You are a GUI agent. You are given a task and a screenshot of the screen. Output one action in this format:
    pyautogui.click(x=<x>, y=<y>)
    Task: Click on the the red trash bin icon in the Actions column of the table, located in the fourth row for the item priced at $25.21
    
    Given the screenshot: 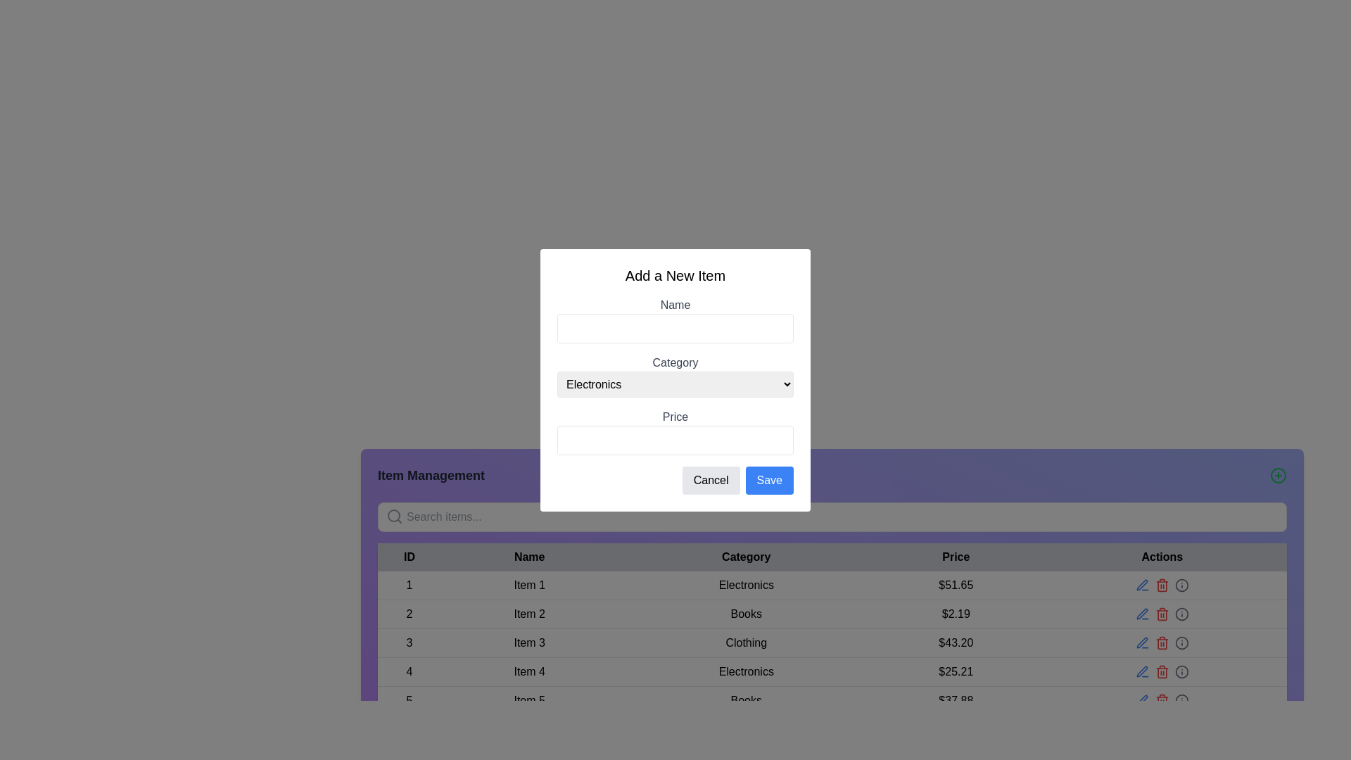 What is the action you would take?
    pyautogui.click(x=1162, y=671)
    